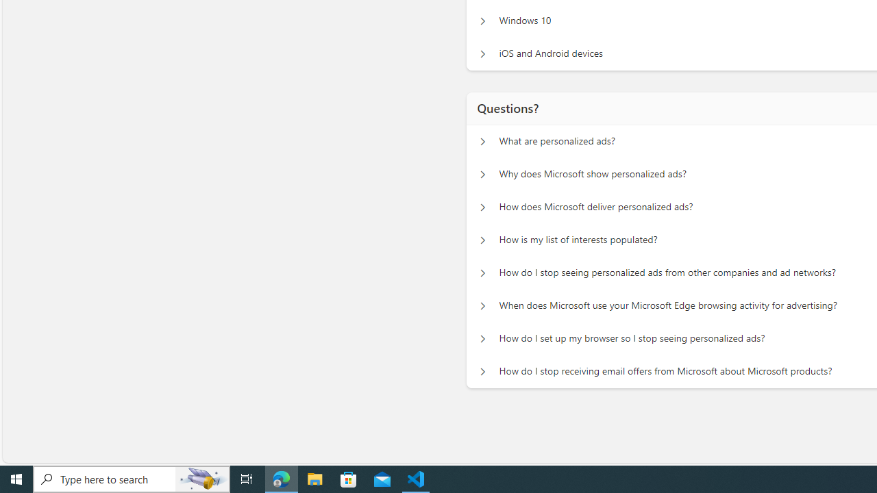 This screenshot has height=493, width=877. Describe the element at coordinates (482, 207) in the screenshot. I see `'Questions? How does Microsoft deliver personalized ads?'` at that location.